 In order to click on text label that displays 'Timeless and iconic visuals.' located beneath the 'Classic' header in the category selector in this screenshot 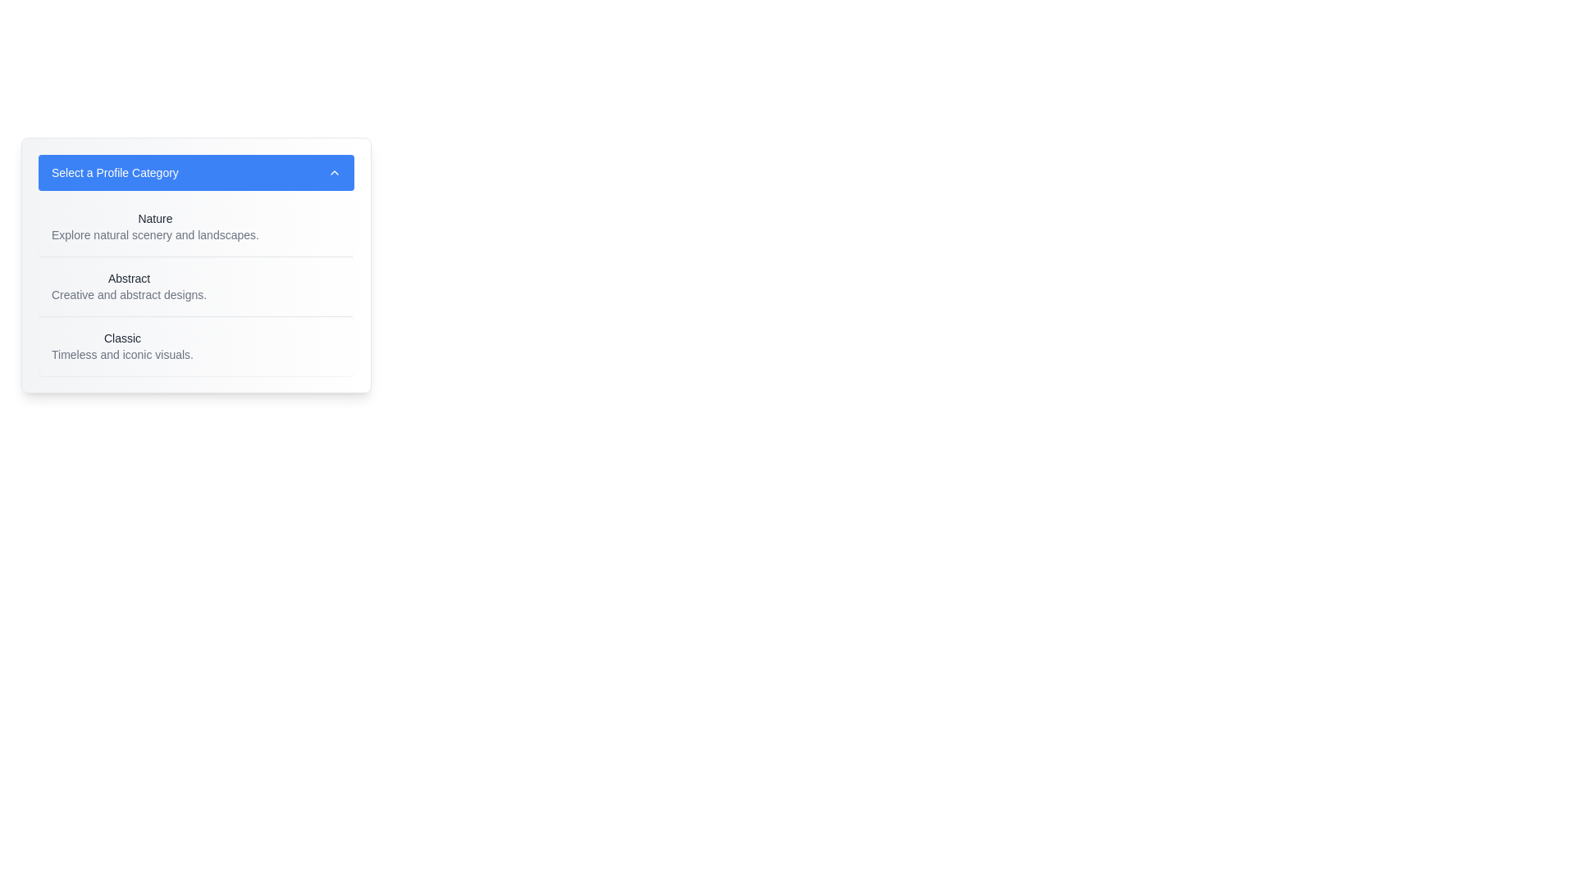, I will do `click(121, 353)`.